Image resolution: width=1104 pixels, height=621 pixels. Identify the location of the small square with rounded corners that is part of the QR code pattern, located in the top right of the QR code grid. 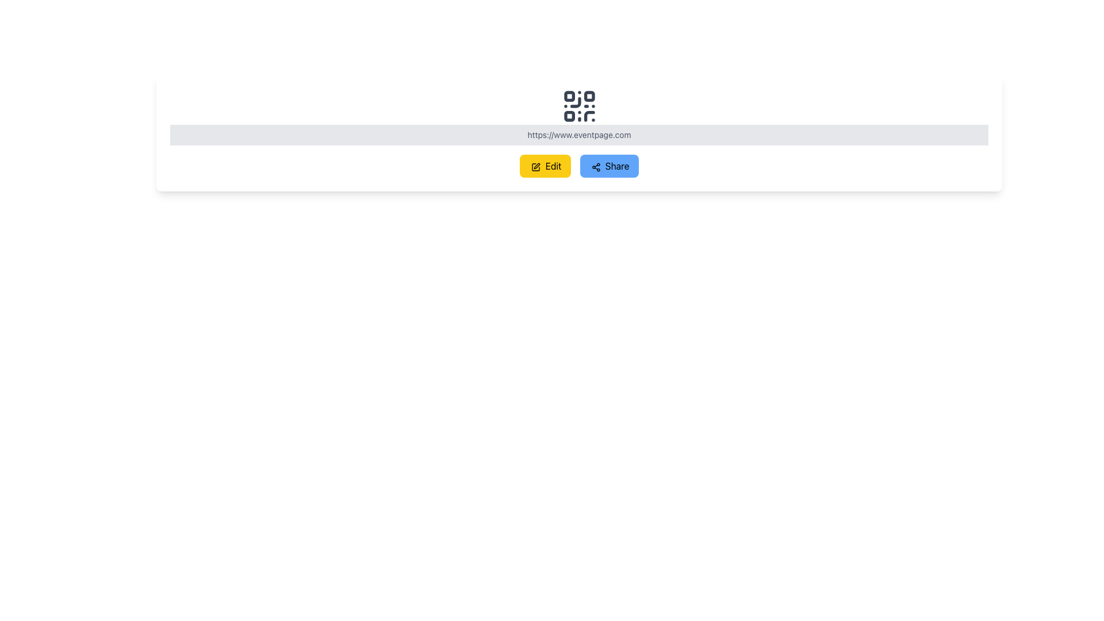
(589, 95).